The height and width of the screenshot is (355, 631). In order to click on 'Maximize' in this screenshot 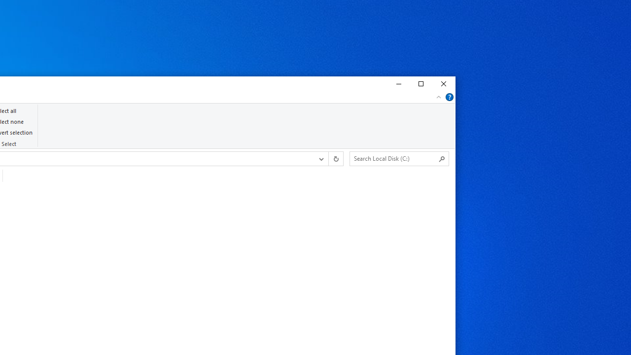, I will do `click(421, 84)`.